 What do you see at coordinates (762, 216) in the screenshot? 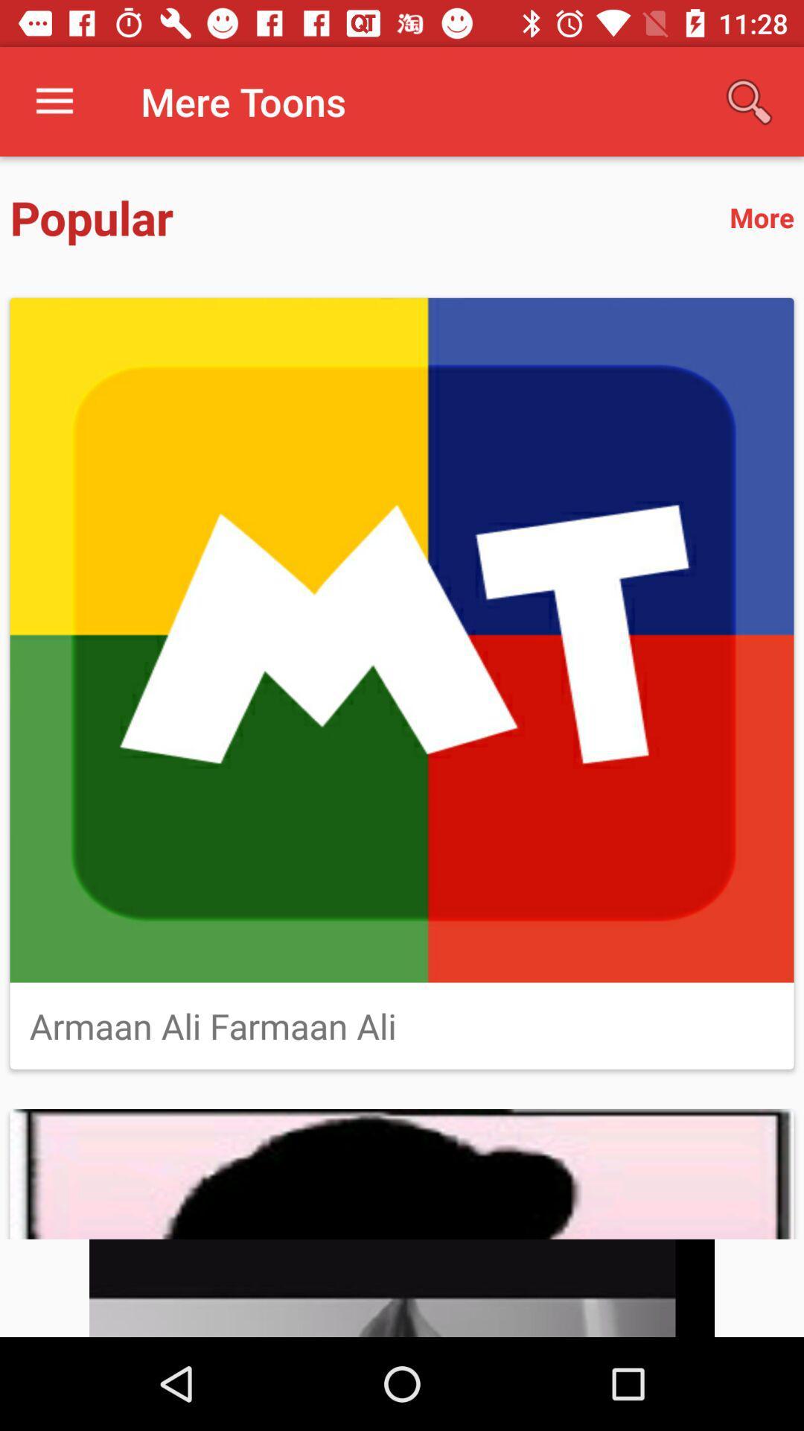
I see `more` at bounding box center [762, 216].